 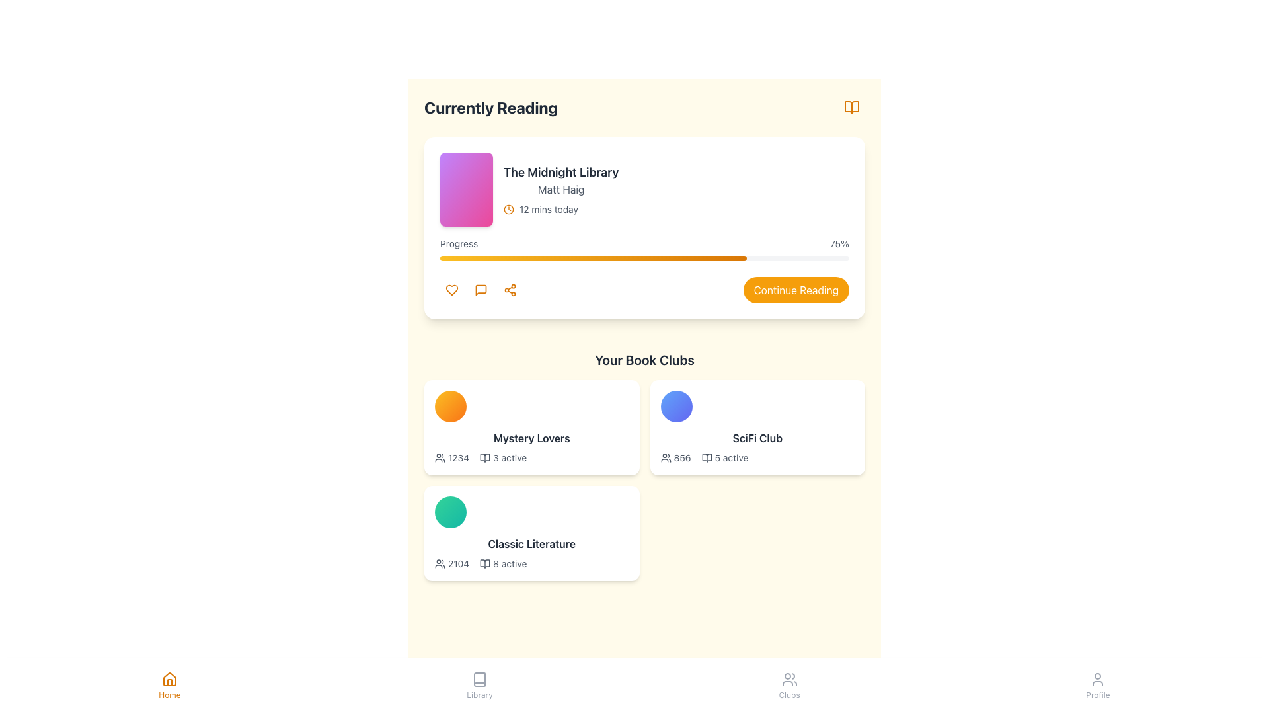 What do you see at coordinates (479, 685) in the screenshot?
I see `the Navigation button located in the bottom navigation bar, which is the second option from the left` at bounding box center [479, 685].